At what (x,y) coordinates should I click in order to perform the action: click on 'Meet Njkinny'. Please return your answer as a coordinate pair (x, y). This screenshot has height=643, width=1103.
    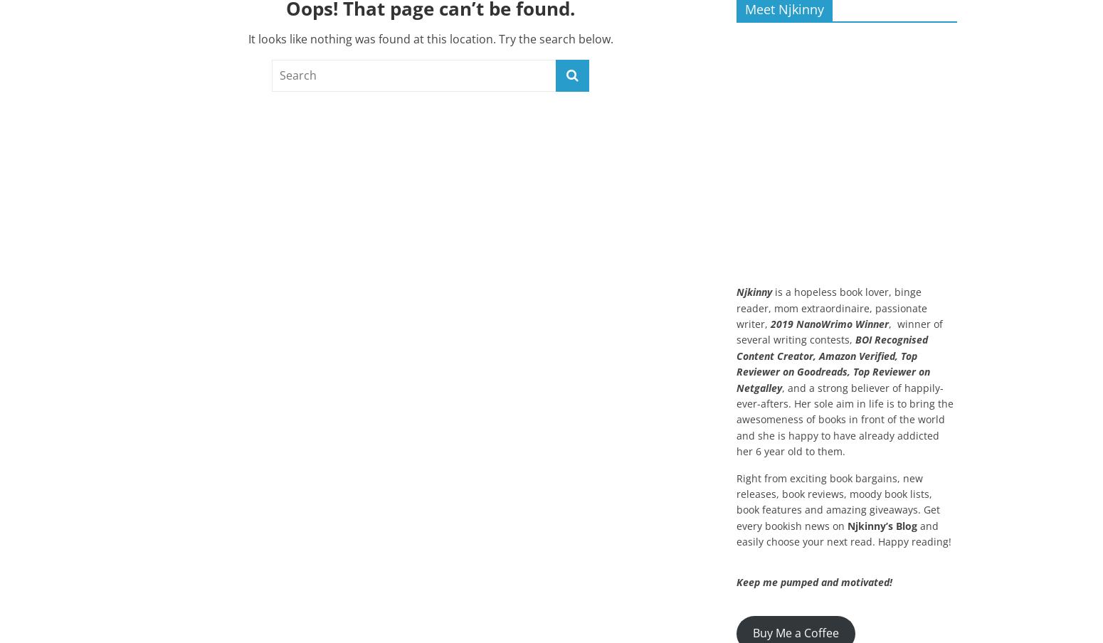
    Looking at the image, I should click on (783, 8).